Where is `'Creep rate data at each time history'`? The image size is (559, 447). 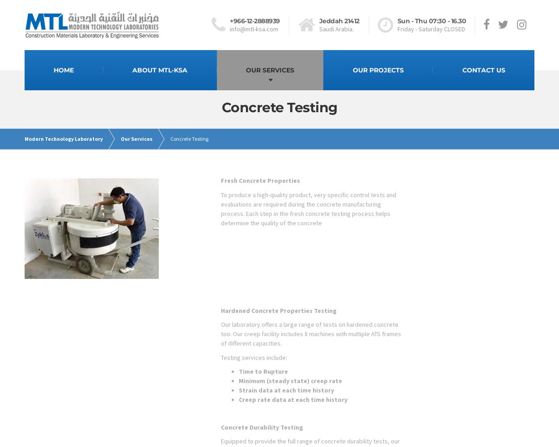
'Creep rate data at each time history' is located at coordinates (292, 400).